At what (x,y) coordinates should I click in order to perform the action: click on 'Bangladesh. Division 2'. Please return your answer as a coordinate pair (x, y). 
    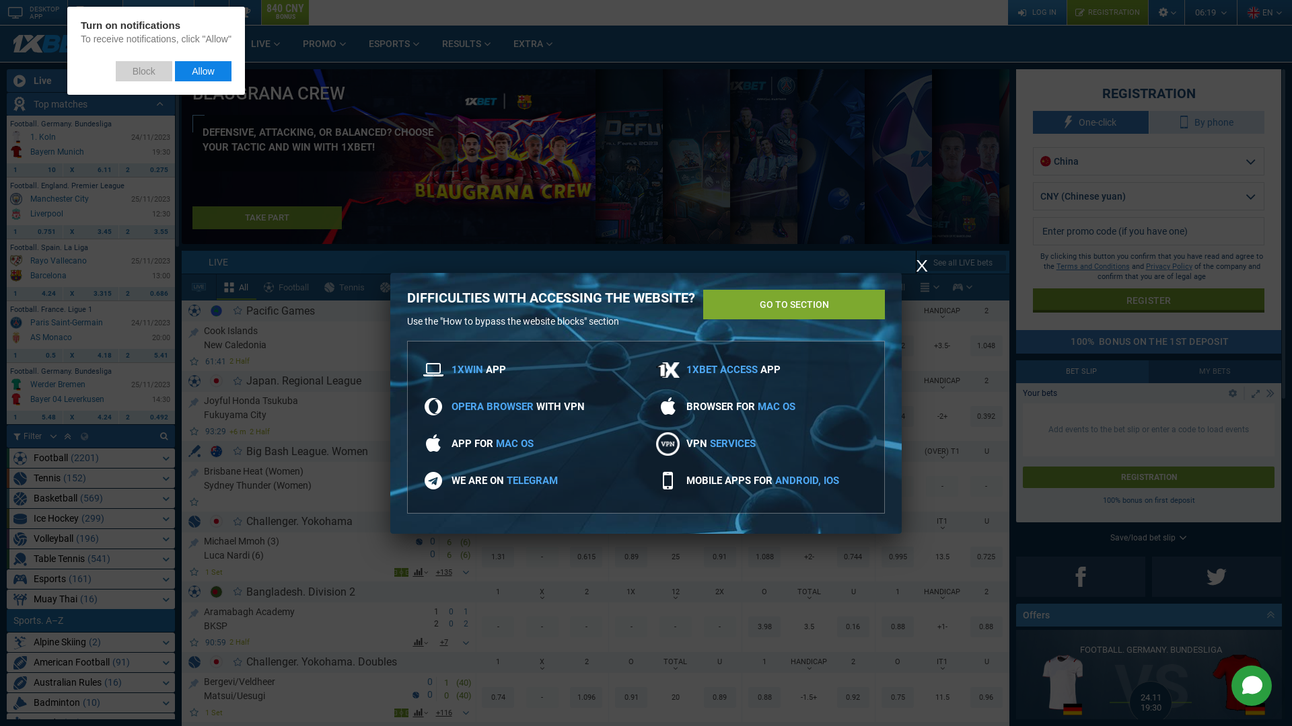
    Looking at the image, I should click on (299, 590).